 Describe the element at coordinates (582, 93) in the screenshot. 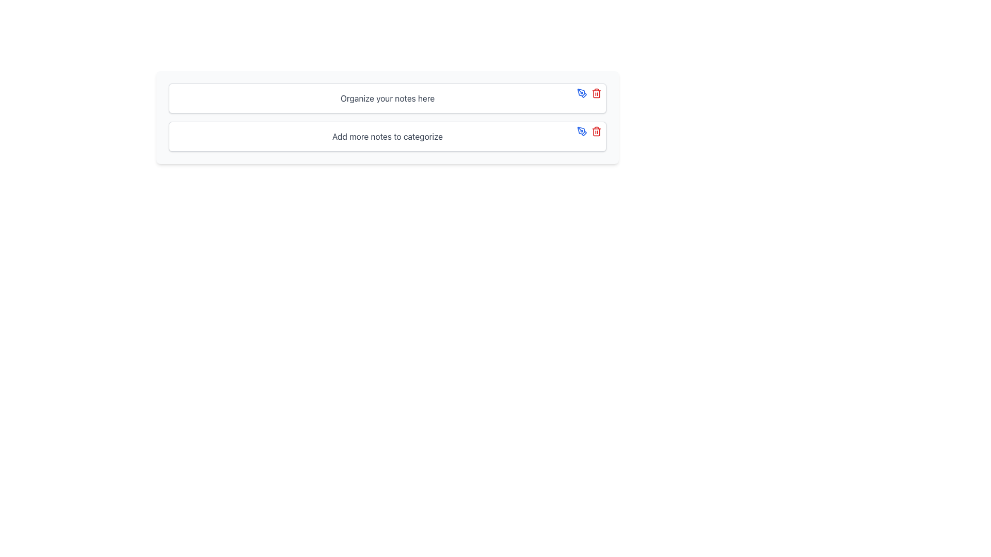

I see `the edit button SVG icon located in the top-right corner of the note panel to initiate edit mode` at that location.